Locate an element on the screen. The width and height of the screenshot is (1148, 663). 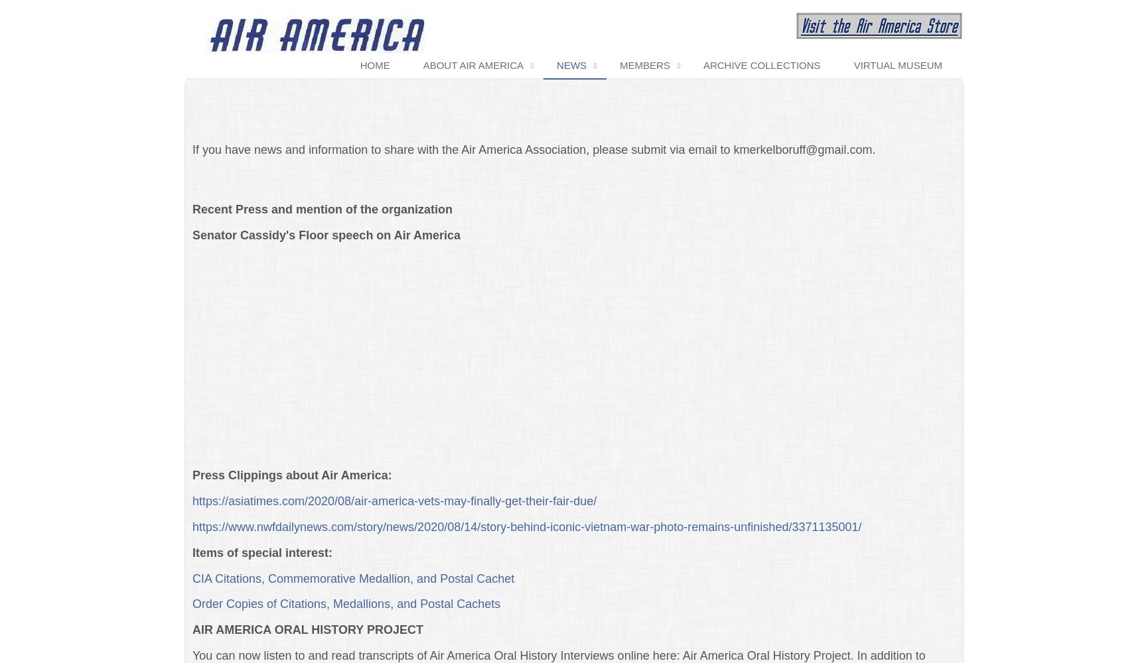
'Recent Press and mention of the organization' is located at coordinates (321, 208).